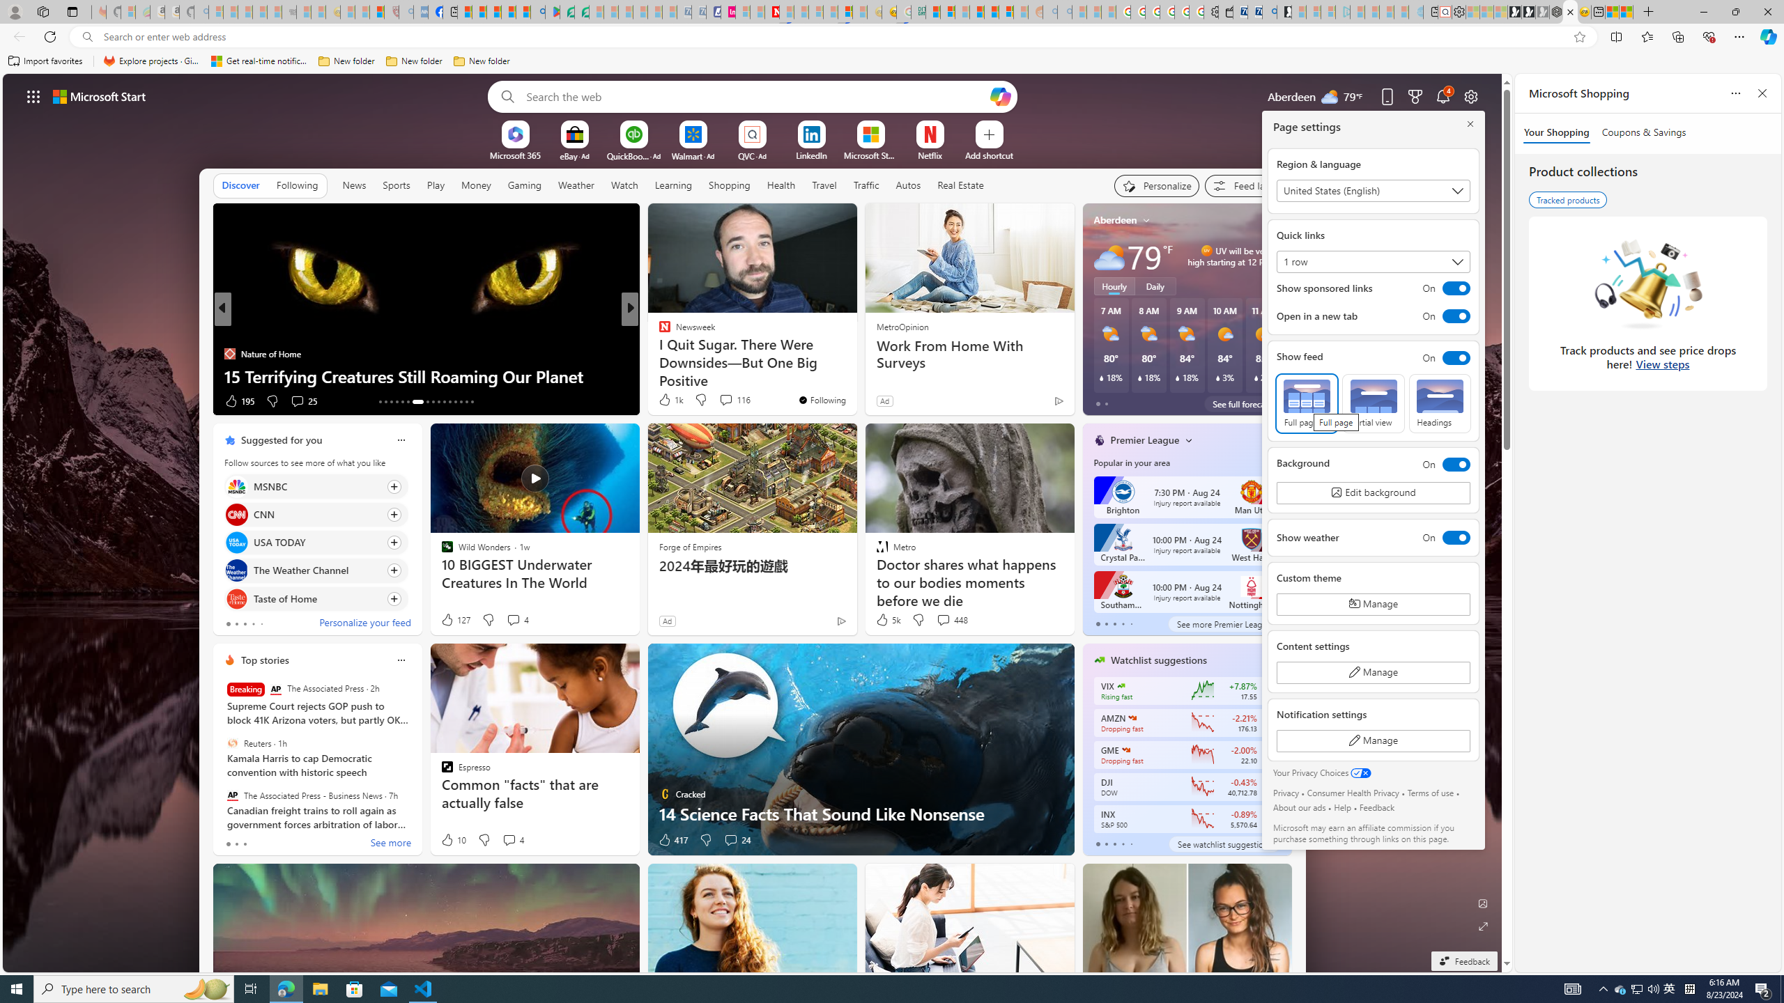 Image resolution: width=1784 pixels, height=1003 pixels. Describe the element at coordinates (1113, 843) in the screenshot. I see `'tab-2'` at that location.